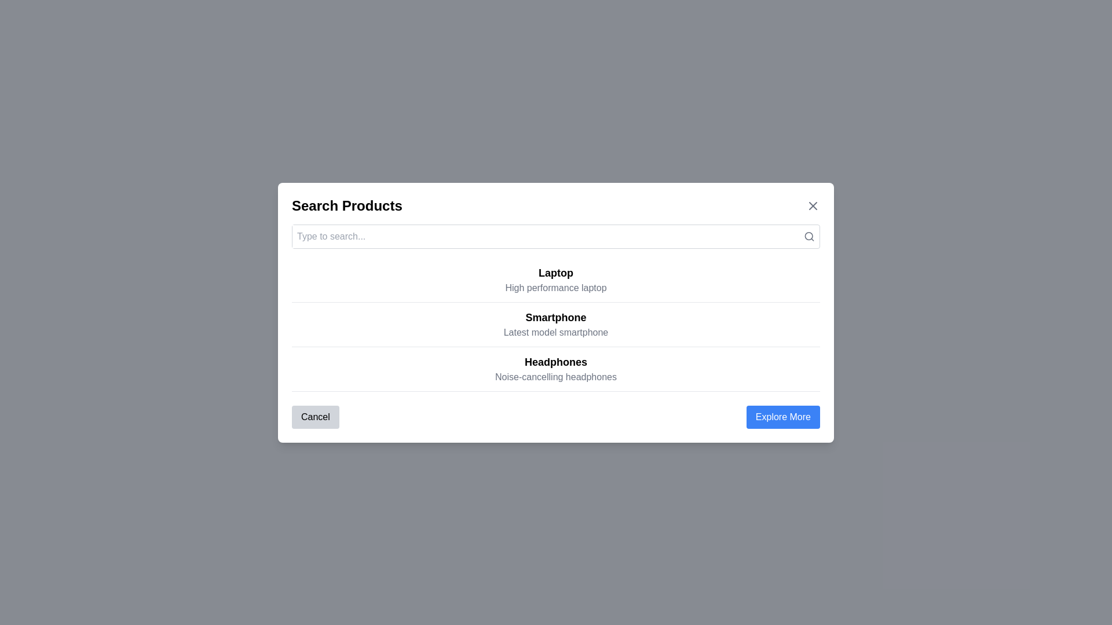  I want to click on the Close button located in the top-right corner of the modal, adjacent, so click(812, 205).